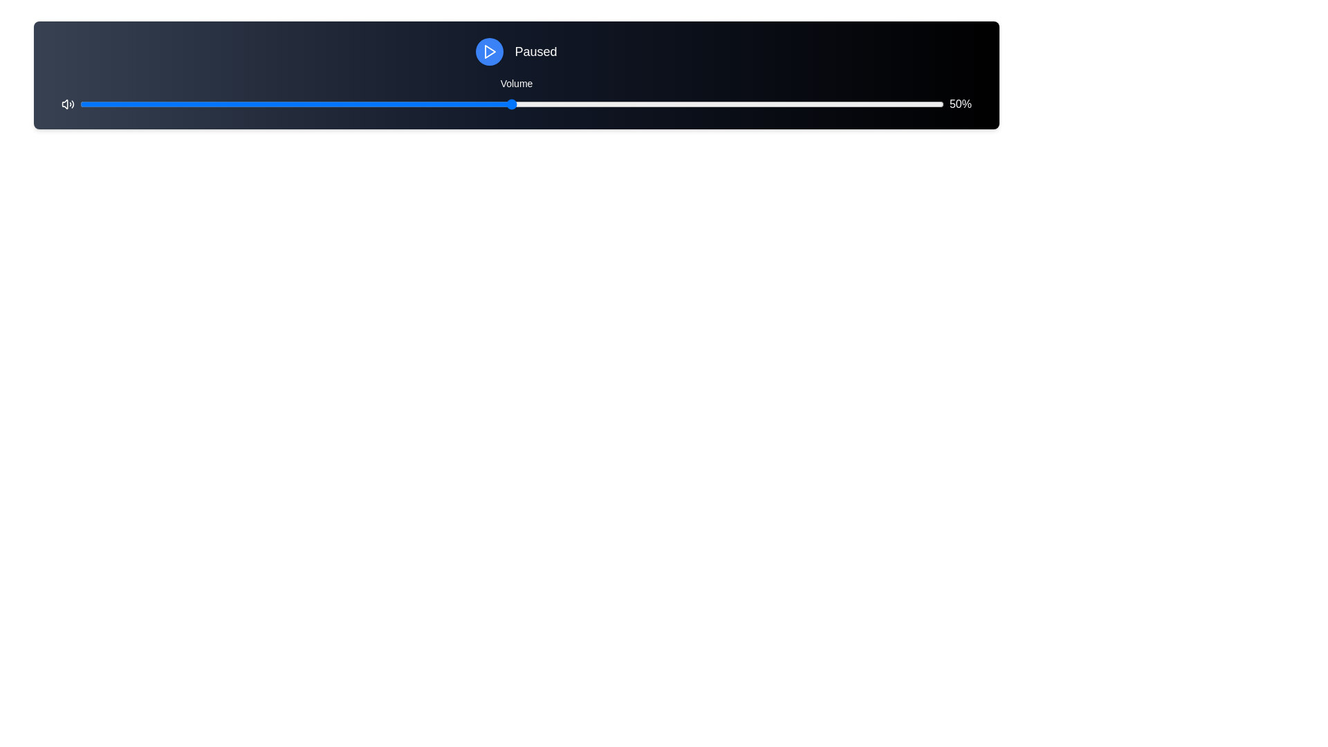  What do you see at coordinates (959, 103) in the screenshot?
I see `the text label displaying '50%' in white, located at the rightmost end of the horizontal control bar to focus it` at bounding box center [959, 103].